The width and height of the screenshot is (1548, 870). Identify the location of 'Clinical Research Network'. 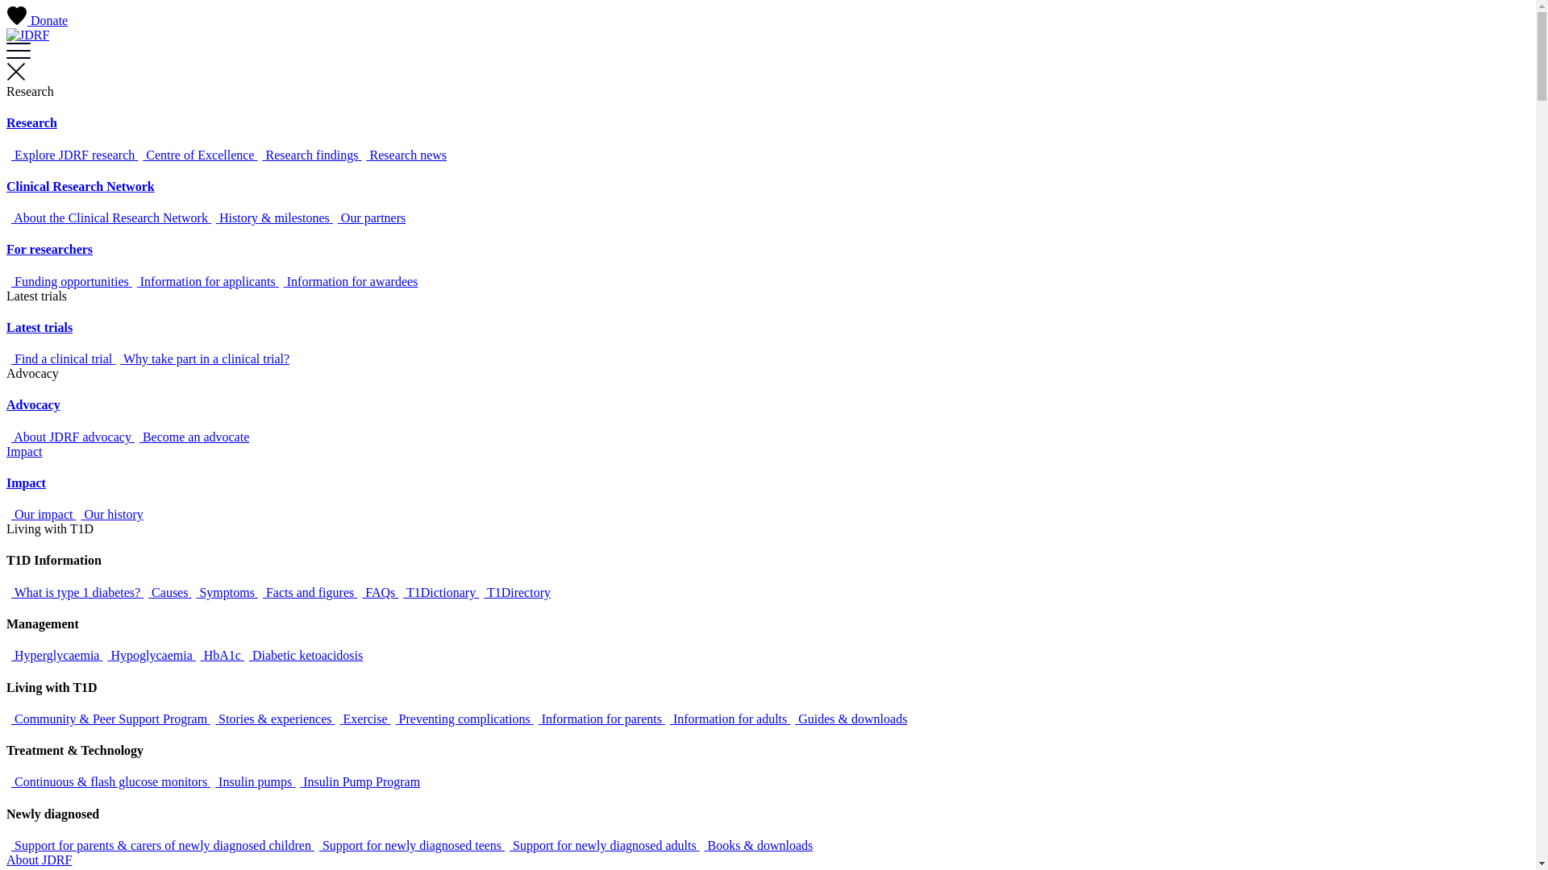
(6, 185).